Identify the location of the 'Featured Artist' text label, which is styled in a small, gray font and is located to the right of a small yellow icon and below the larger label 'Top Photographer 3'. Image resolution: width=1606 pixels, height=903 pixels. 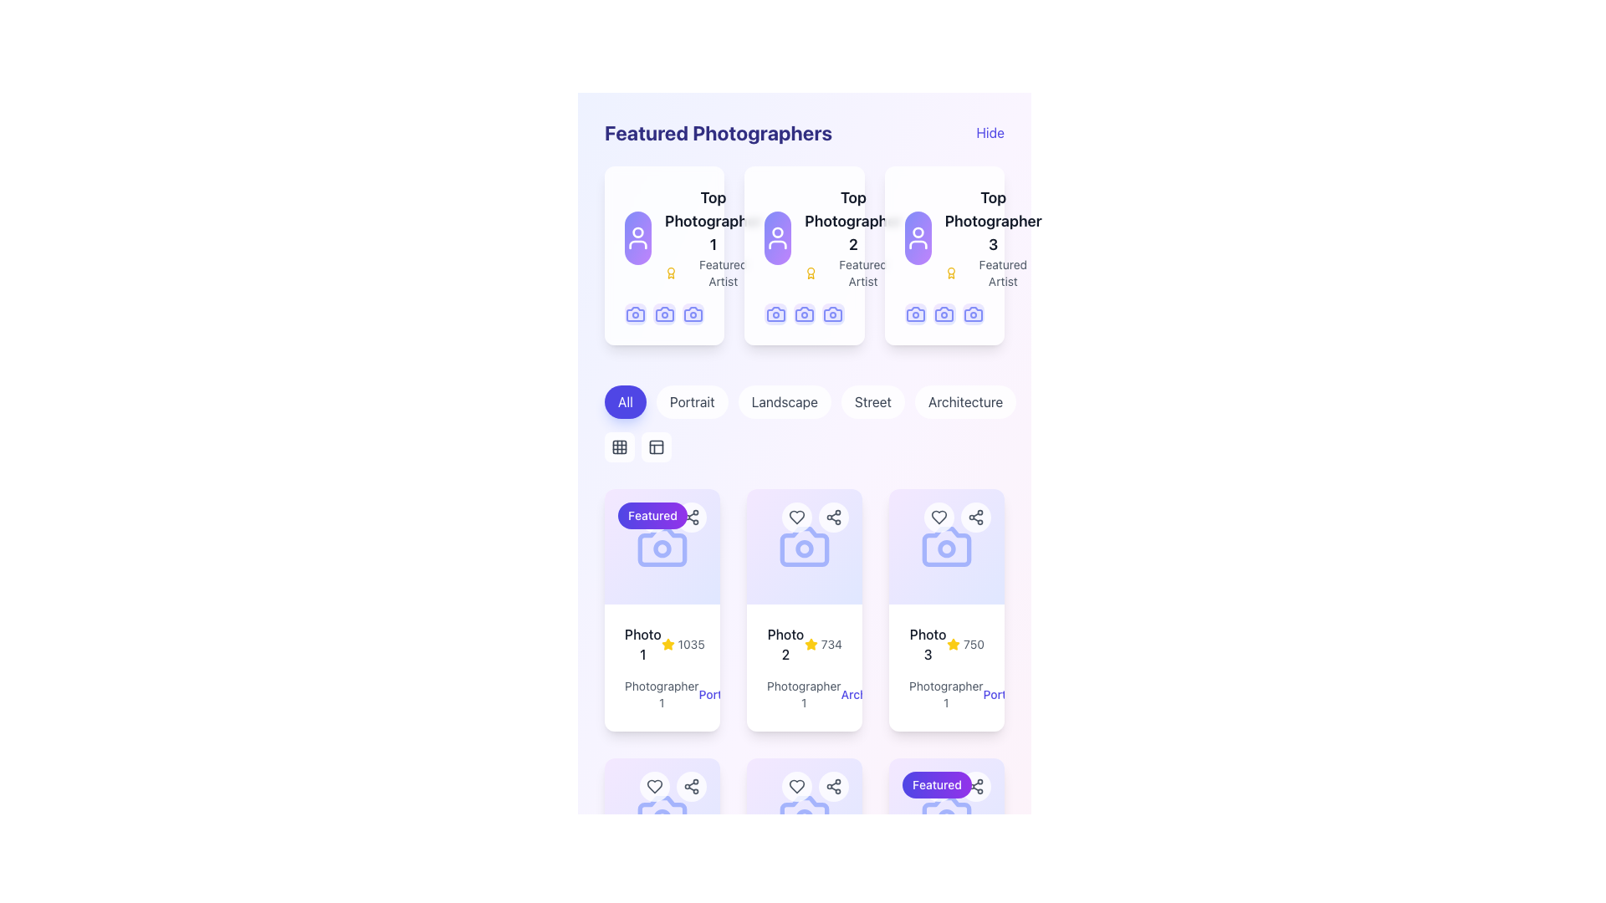
(1003, 273).